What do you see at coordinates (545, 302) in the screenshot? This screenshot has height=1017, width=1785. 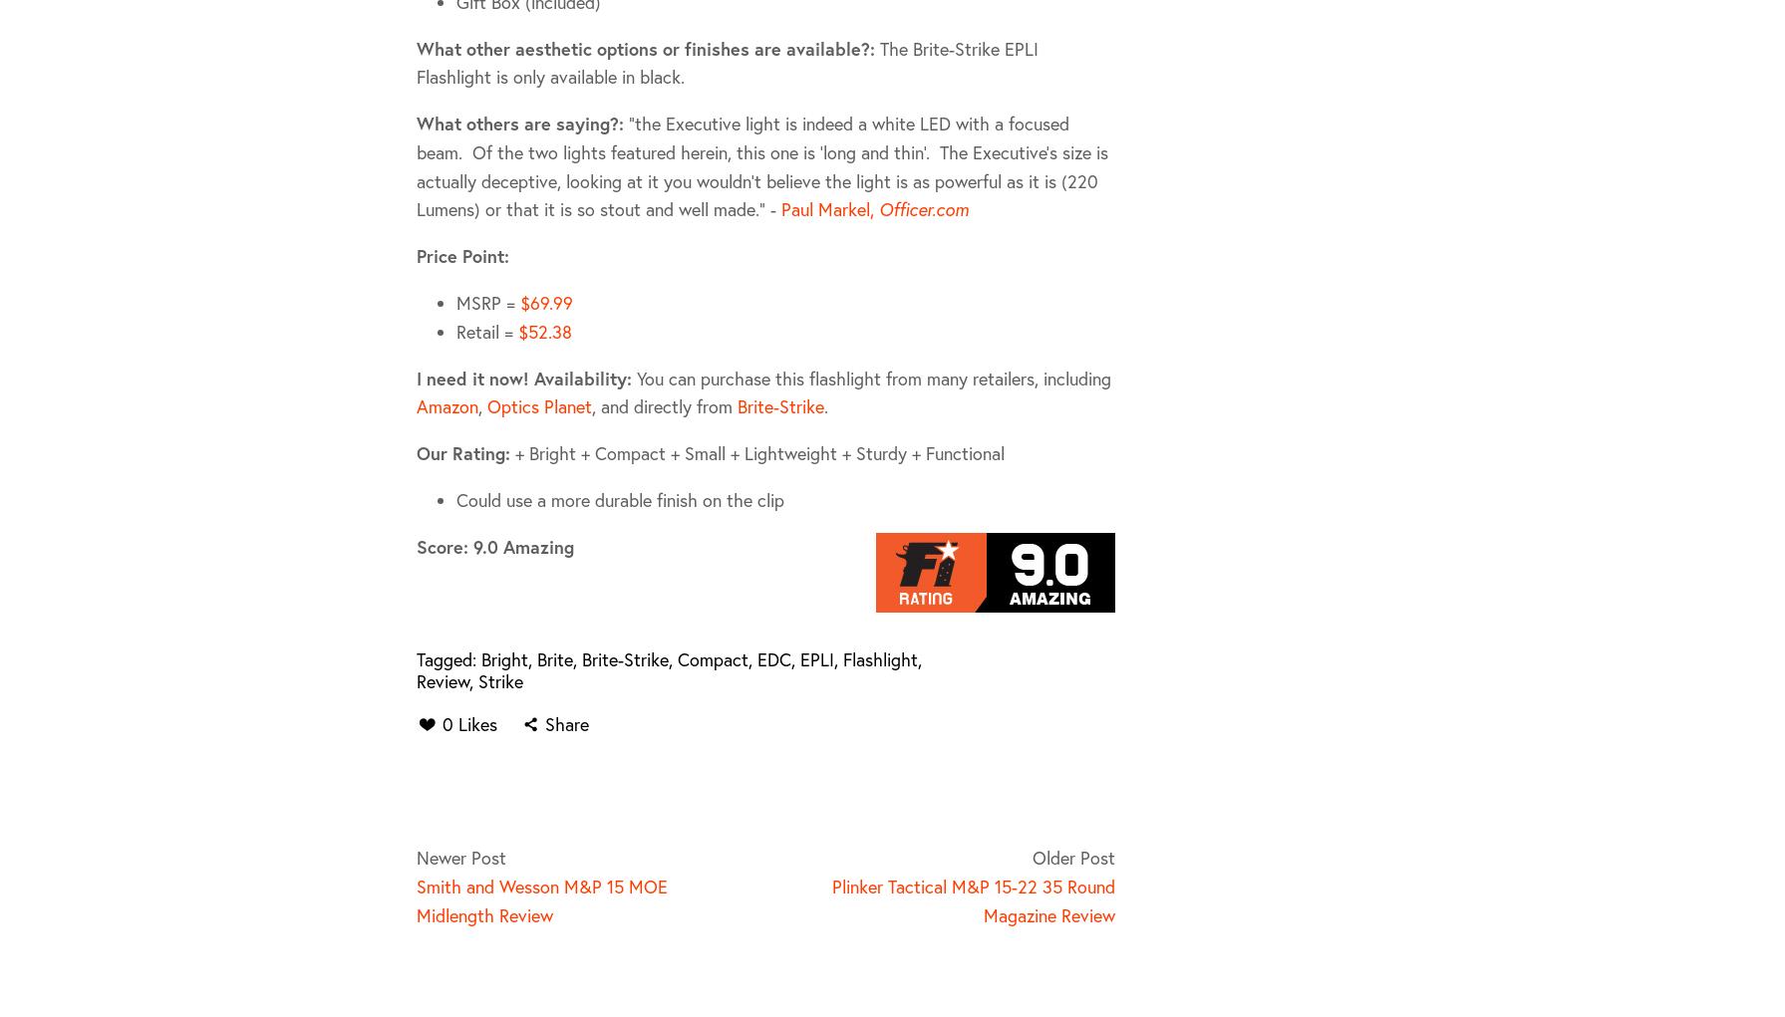 I see `'$69.99'` at bounding box center [545, 302].